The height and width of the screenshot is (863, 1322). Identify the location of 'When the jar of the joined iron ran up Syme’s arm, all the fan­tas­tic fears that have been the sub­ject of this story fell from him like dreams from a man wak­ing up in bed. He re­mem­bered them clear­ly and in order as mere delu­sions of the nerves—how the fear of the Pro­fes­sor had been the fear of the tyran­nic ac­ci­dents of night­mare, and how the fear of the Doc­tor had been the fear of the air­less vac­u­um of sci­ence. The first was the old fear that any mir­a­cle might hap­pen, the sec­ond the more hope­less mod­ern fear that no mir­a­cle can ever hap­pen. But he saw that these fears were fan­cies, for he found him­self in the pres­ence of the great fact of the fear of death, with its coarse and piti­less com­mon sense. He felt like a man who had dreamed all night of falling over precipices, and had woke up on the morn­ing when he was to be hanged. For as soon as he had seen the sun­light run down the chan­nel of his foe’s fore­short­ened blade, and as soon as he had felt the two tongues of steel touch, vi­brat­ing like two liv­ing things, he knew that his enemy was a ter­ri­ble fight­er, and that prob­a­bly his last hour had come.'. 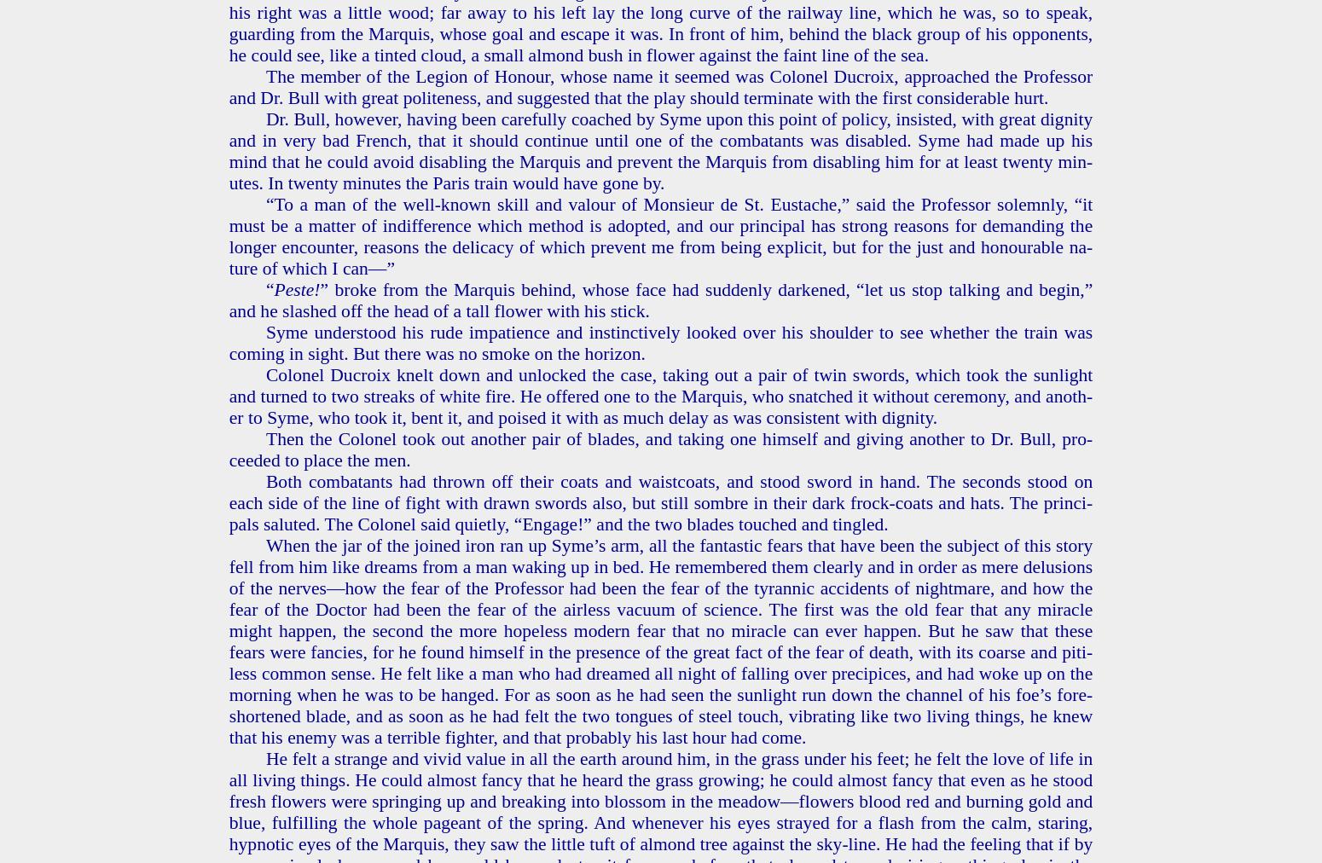
(660, 640).